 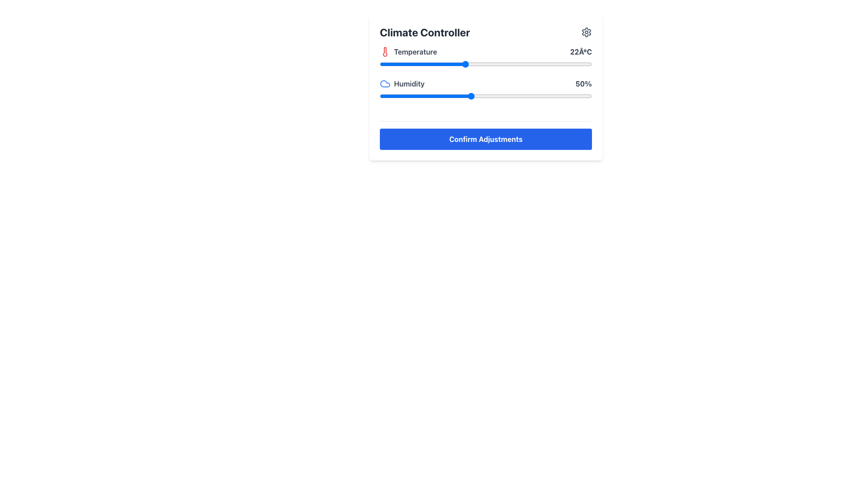 What do you see at coordinates (434, 96) in the screenshot?
I see `humidity` at bounding box center [434, 96].